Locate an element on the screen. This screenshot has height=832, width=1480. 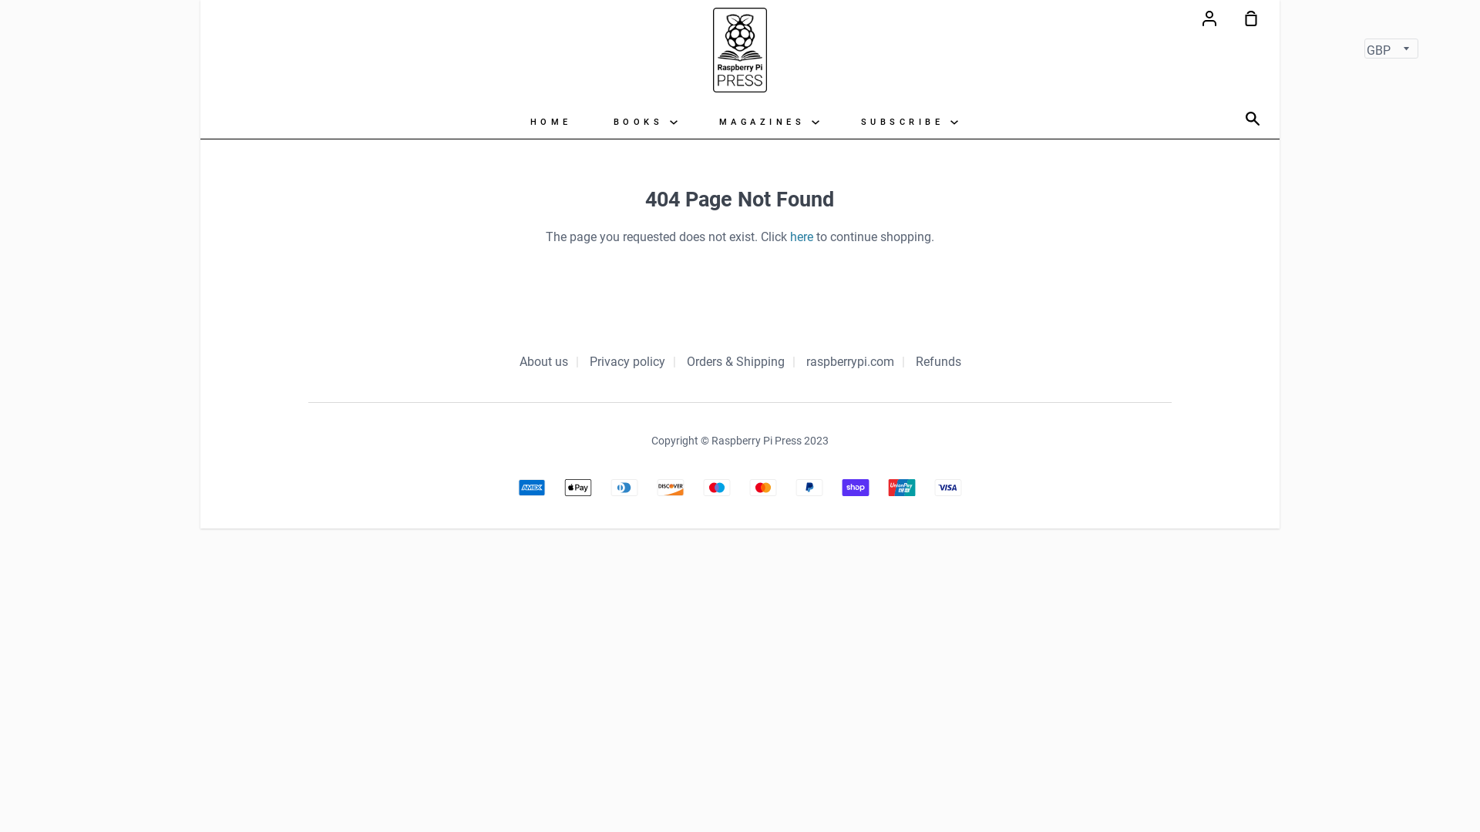
'here' is located at coordinates (802, 237).